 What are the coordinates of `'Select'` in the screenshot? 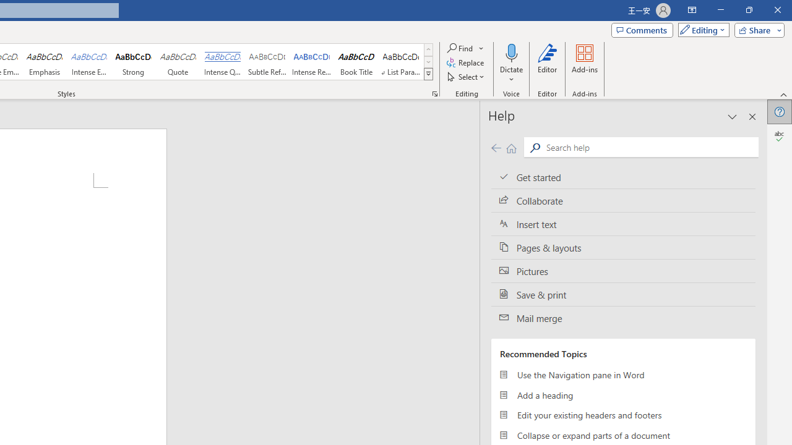 It's located at (466, 77).